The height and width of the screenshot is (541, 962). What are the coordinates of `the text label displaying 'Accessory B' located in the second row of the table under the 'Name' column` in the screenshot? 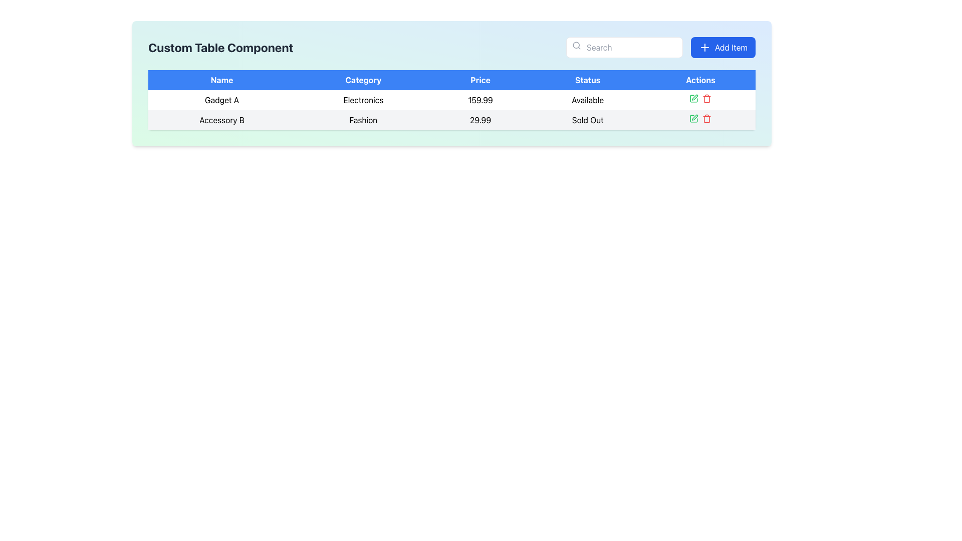 It's located at (221, 119).